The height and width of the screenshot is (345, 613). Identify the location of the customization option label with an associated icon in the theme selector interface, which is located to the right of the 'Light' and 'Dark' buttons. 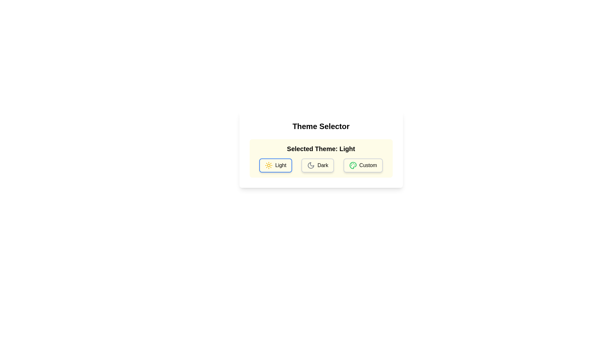
(363, 165).